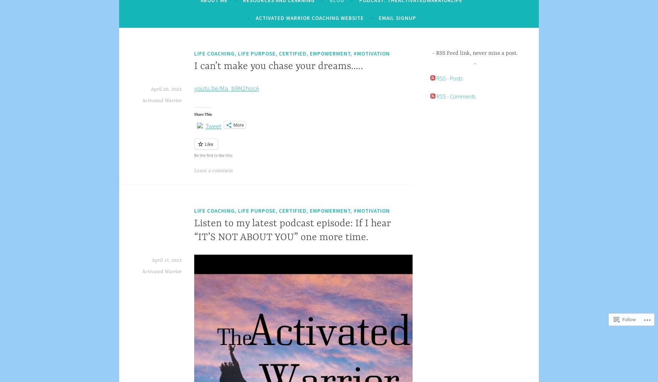 Image resolution: width=658 pixels, height=382 pixels. I want to click on 'EMAIL SIGNUP', so click(378, 17).